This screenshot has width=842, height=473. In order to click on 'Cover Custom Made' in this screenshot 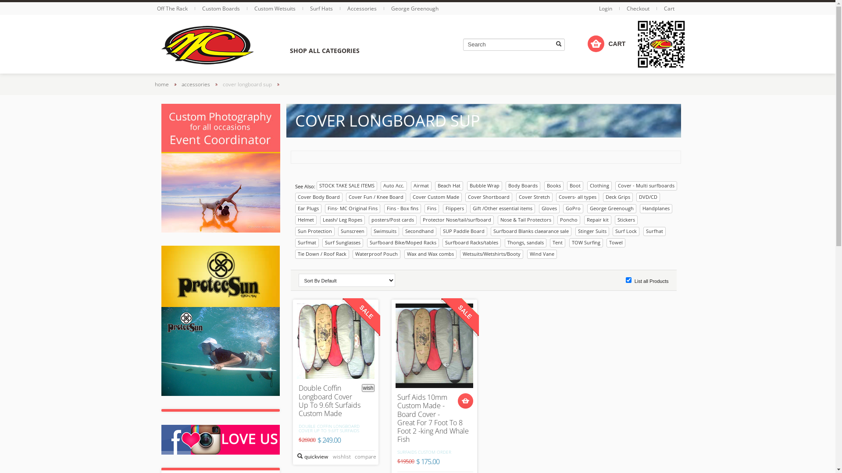, I will do `click(435, 197)`.